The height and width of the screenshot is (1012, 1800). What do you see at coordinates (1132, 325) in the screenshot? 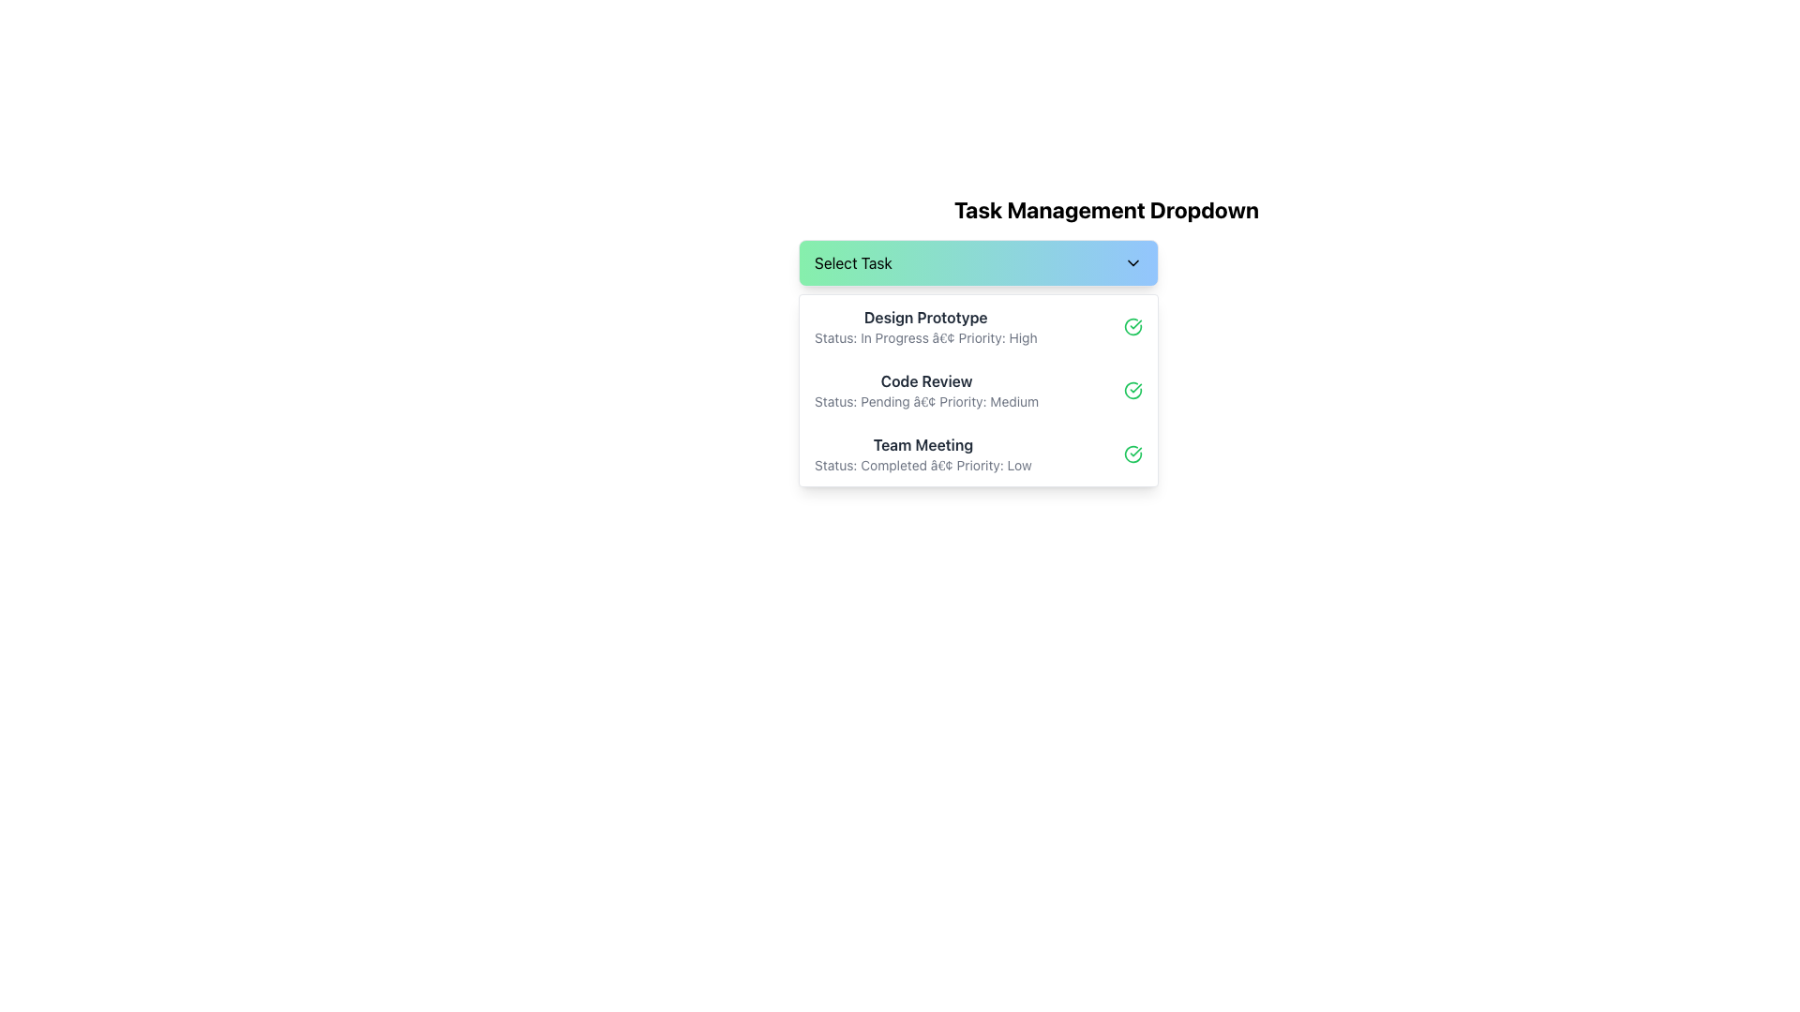
I see `the green circular status indicator with a check mark, located to the right of the text 'Design Prototype' in the first entry of the dropdown menu under 'Select Task'` at bounding box center [1132, 325].